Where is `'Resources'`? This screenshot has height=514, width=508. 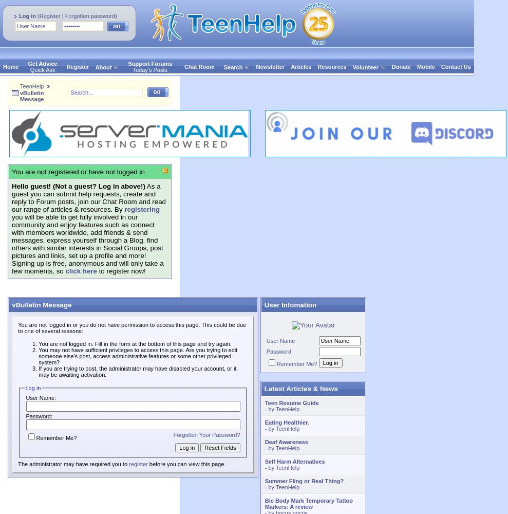 'Resources' is located at coordinates (332, 67).